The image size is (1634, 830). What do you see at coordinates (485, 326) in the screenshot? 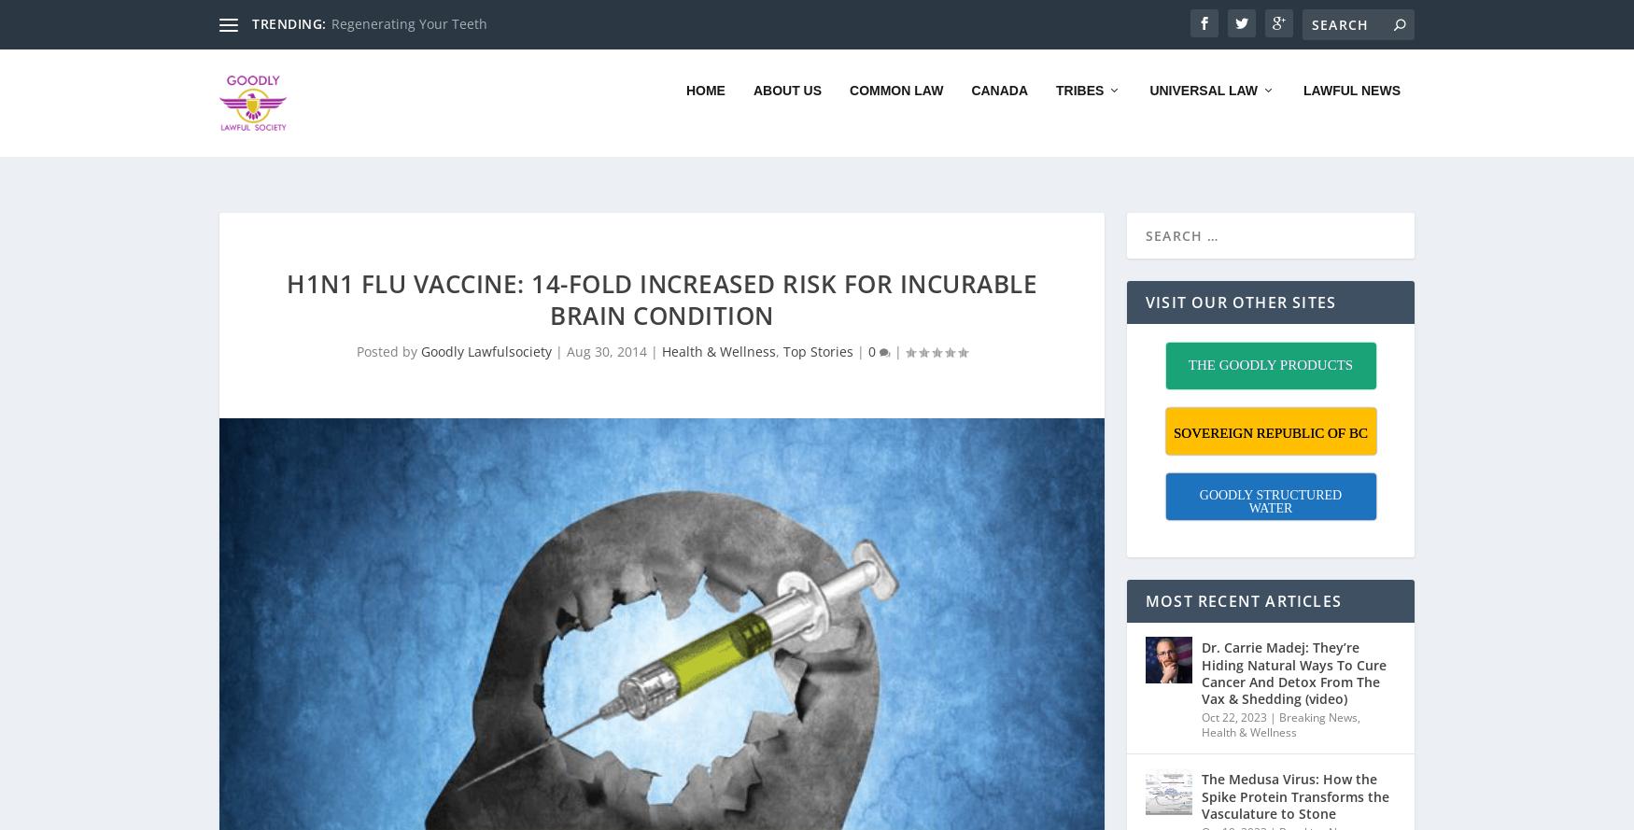
I see `'Goodly Lawfulsociety'` at bounding box center [485, 326].